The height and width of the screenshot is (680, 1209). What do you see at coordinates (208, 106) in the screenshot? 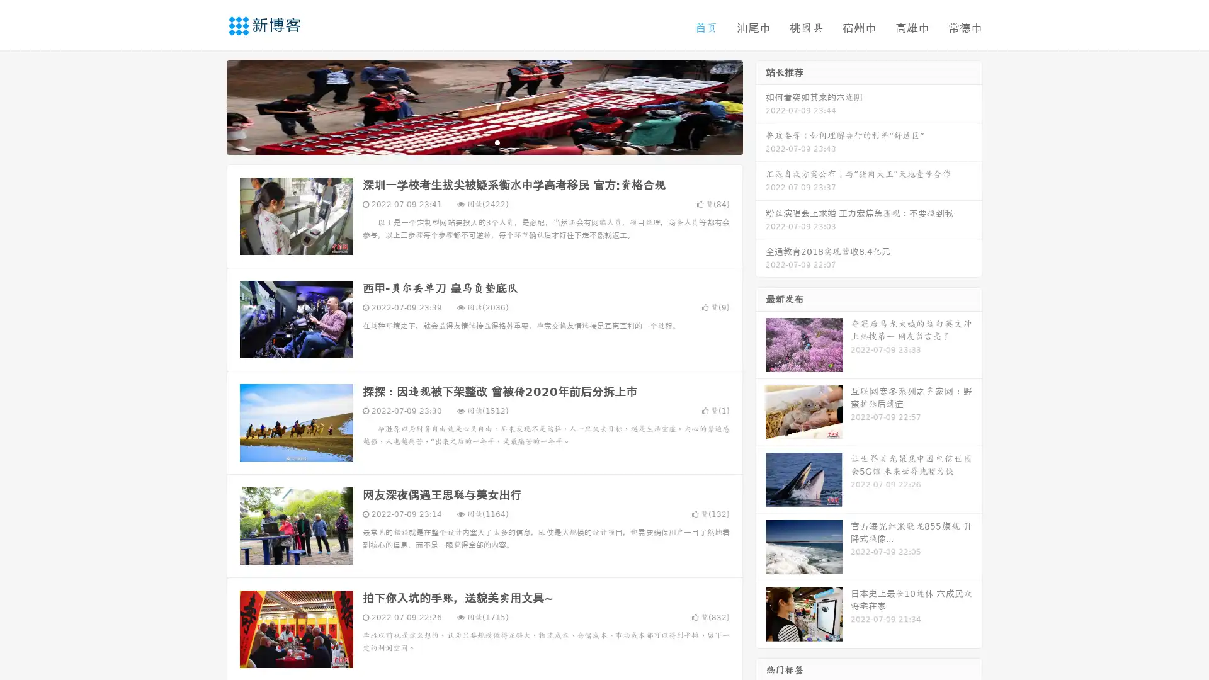
I see `Previous slide` at bounding box center [208, 106].